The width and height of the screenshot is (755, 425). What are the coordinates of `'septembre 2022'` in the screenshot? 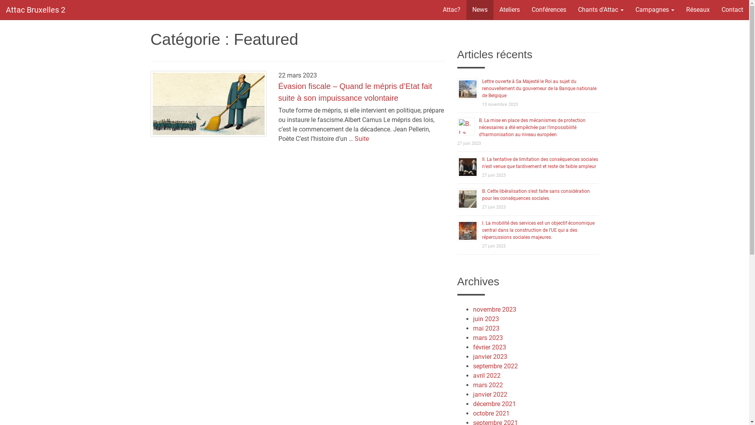 It's located at (494, 366).